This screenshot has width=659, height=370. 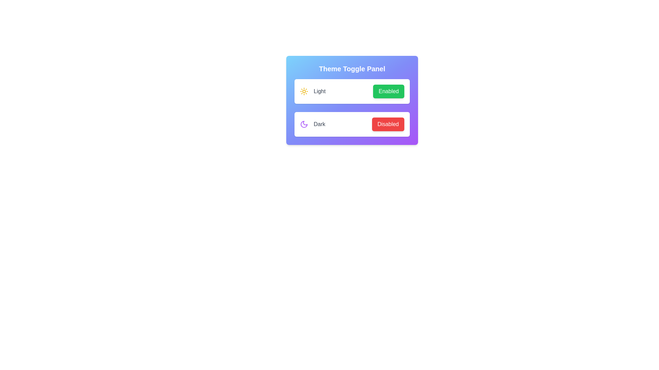 I want to click on button to toggle the theme state for light, so click(x=389, y=91).